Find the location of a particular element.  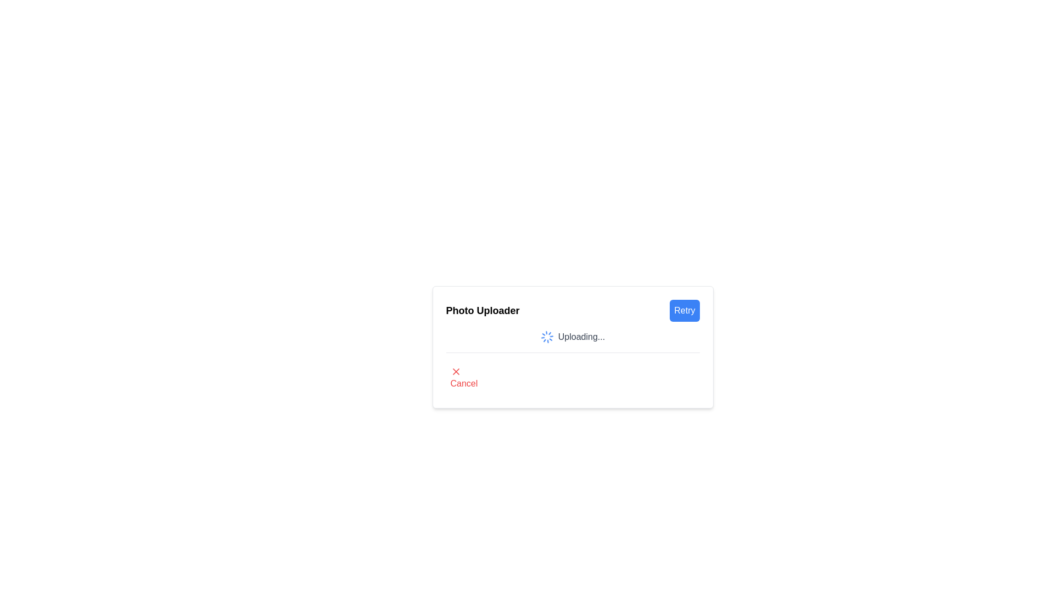

the 'Photo Uploader' text label, which is prominently styled in bold and serves as a significant header in the interface is located at coordinates (483, 311).